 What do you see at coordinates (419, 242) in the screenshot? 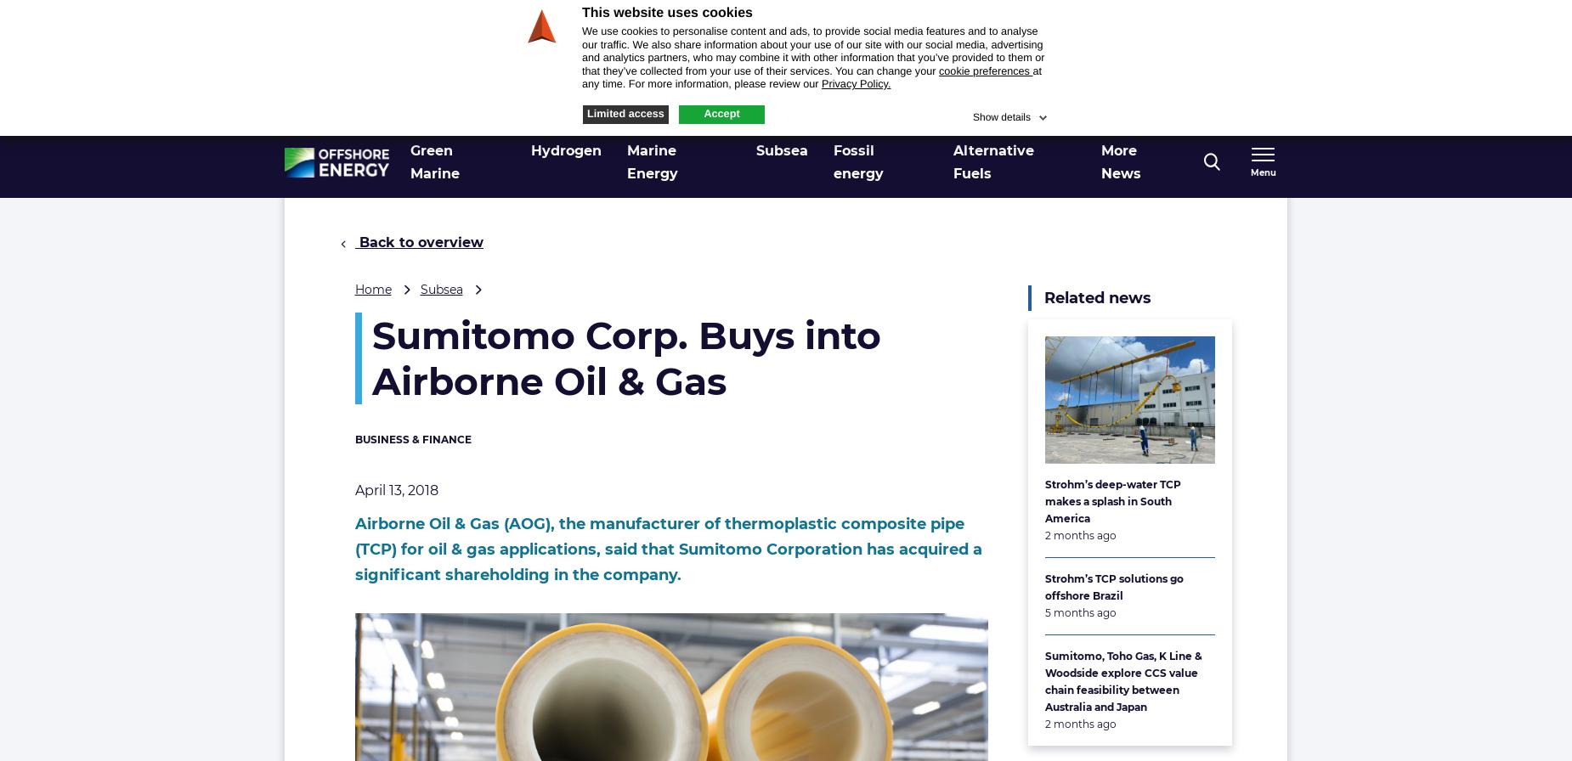
I see `'Back to overview'` at bounding box center [419, 242].